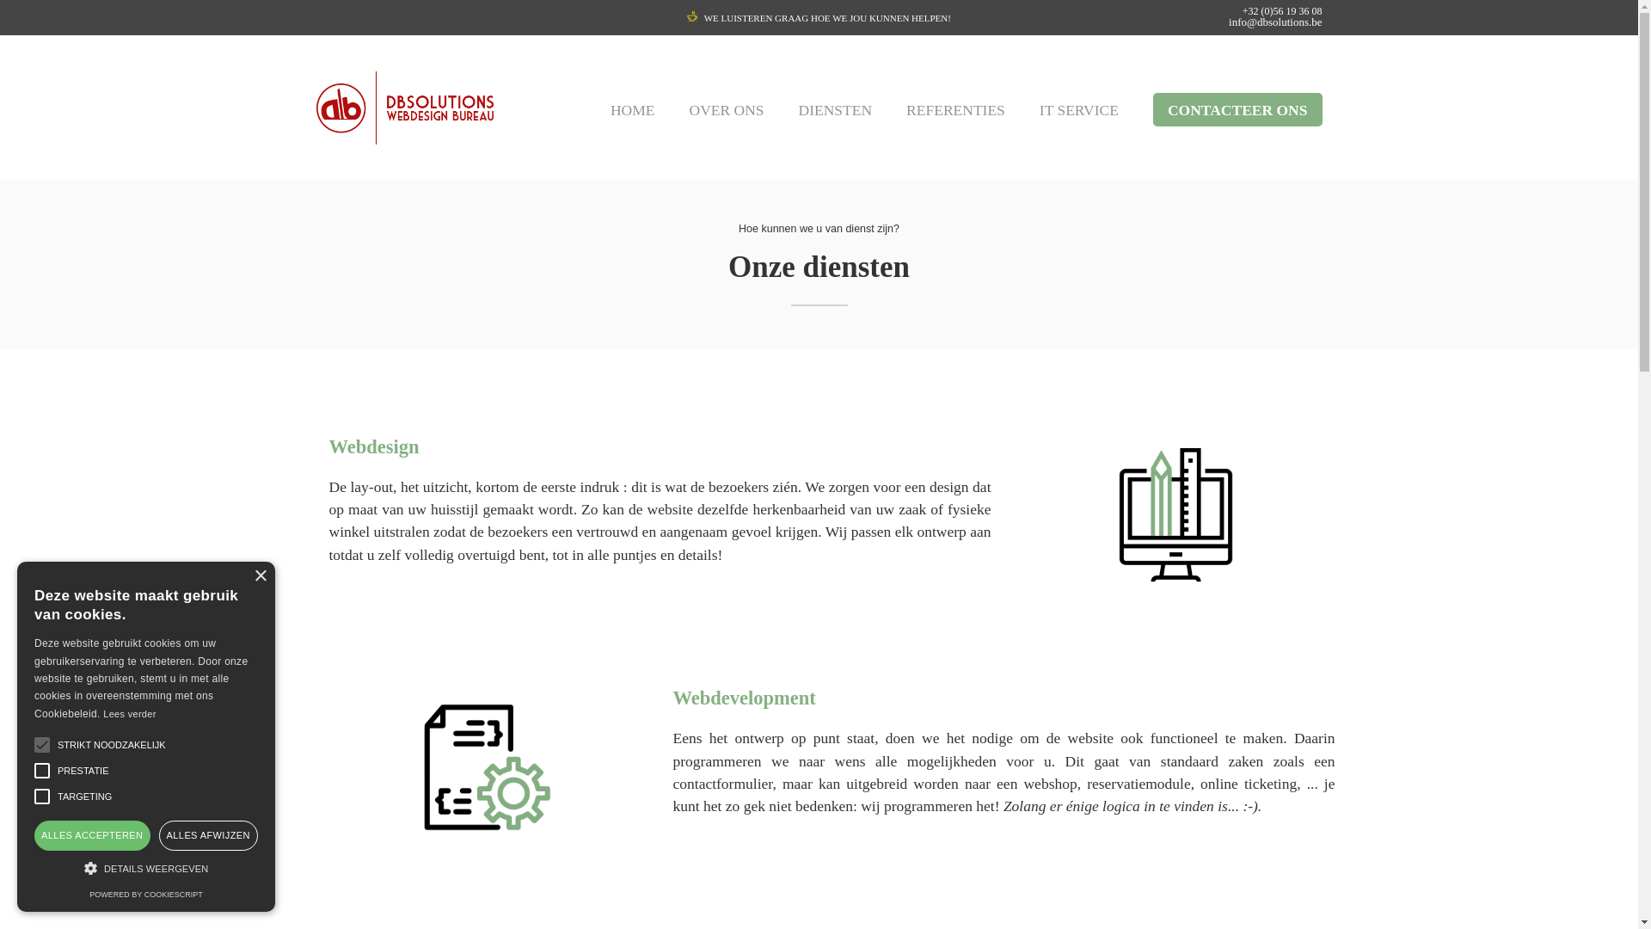 The height and width of the screenshot is (929, 1651). What do you see at coordinates (128, 713) in the screenshot?
I see `'Lees verder'` at bounding box center [128, 713].